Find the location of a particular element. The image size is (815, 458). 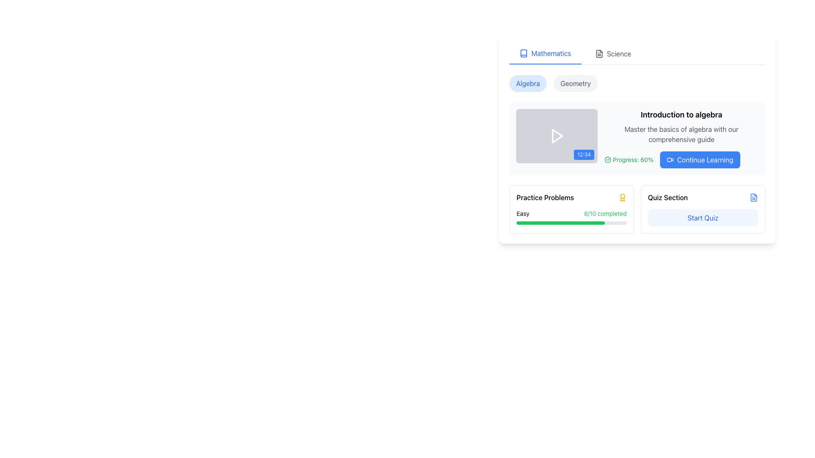

the first icon in the navigation bar, which serves as a shortcut to educational resources is located at coordinates (523, 53).